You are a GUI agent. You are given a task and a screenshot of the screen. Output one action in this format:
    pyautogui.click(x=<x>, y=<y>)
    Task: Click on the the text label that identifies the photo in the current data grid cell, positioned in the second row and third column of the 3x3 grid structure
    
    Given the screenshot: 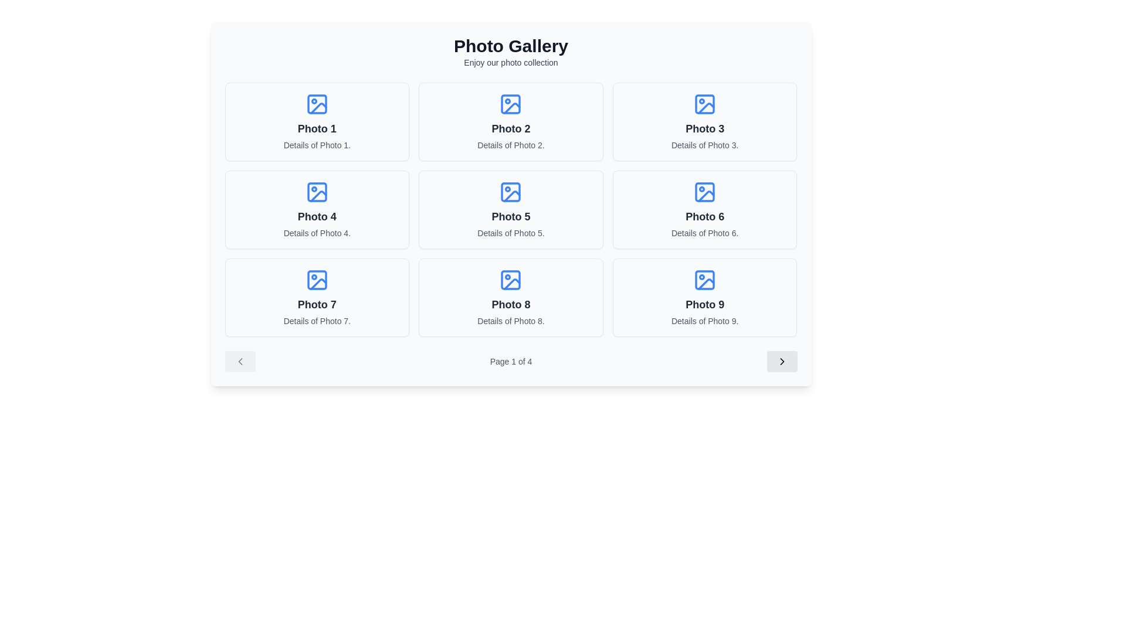 What is the action you would take?
    pyautogui.click(x=704, y=217)
    